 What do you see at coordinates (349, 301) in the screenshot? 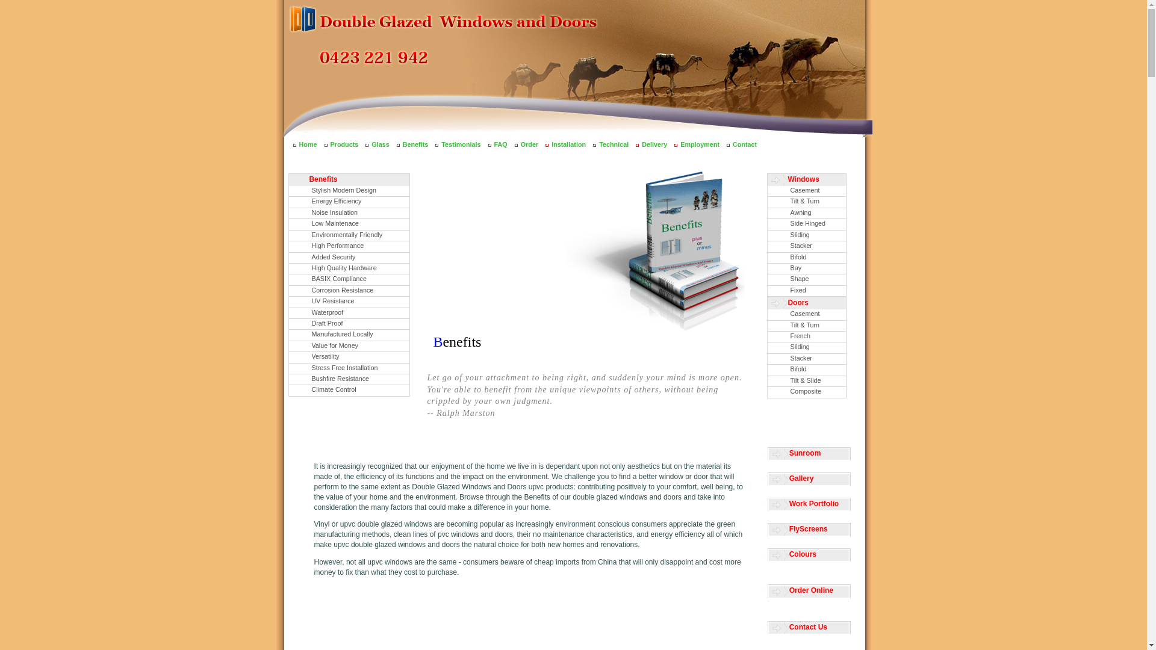
I see `'UV Resistance'` at bounding box center [349, 301].